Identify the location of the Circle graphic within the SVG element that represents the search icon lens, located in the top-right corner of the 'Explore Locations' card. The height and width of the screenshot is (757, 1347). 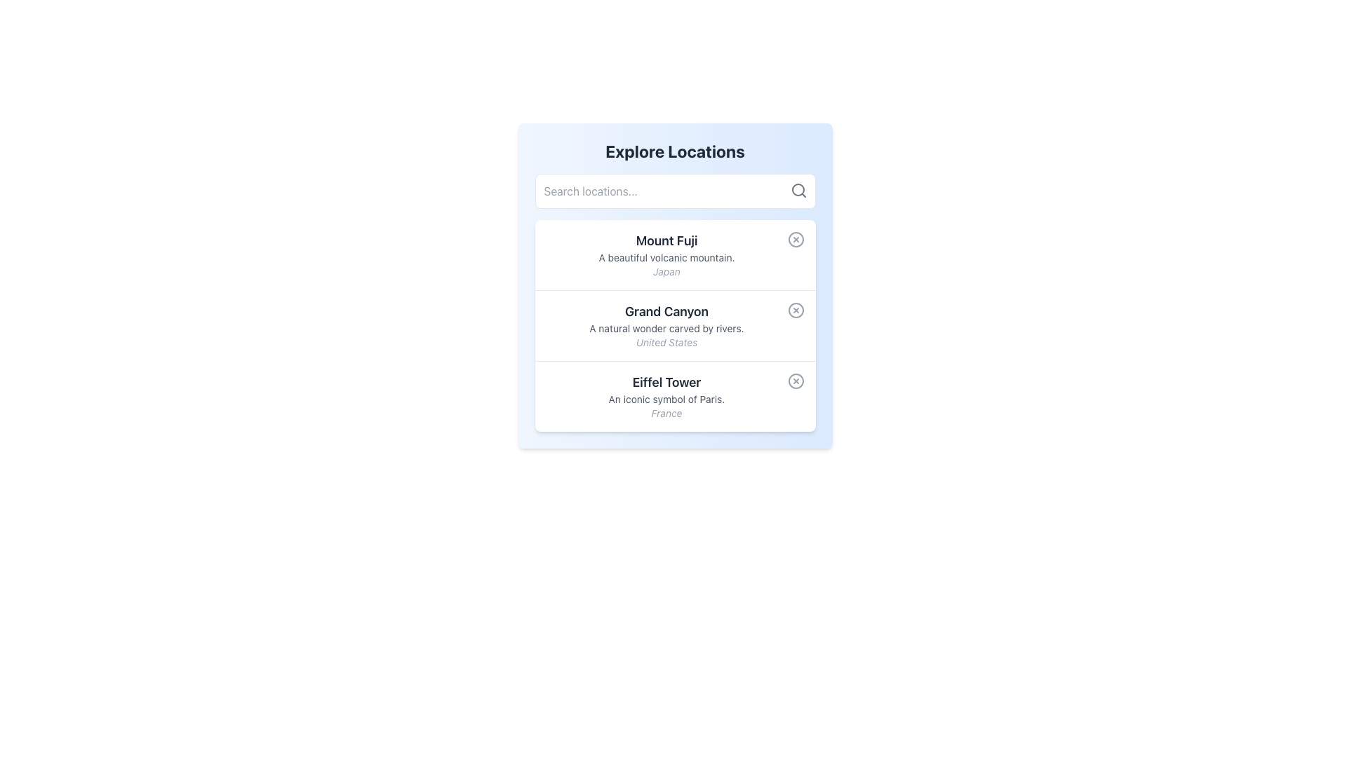
(798, 189).